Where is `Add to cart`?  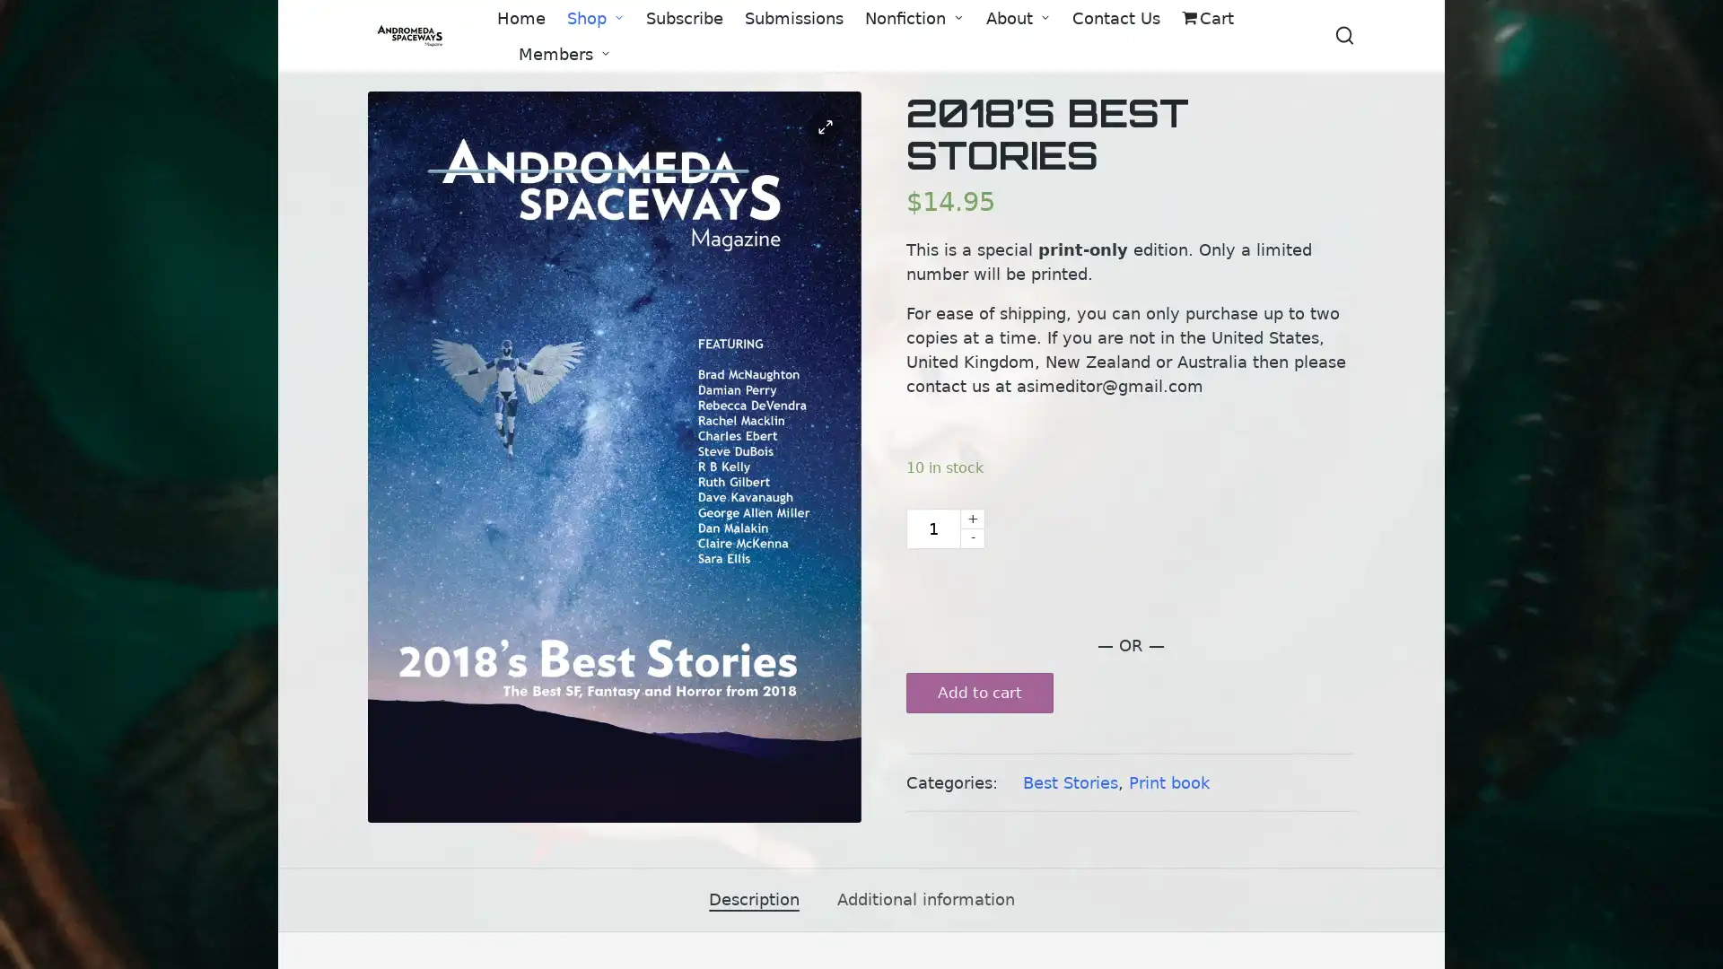 Add to cart is located at coordinates (978, 692).